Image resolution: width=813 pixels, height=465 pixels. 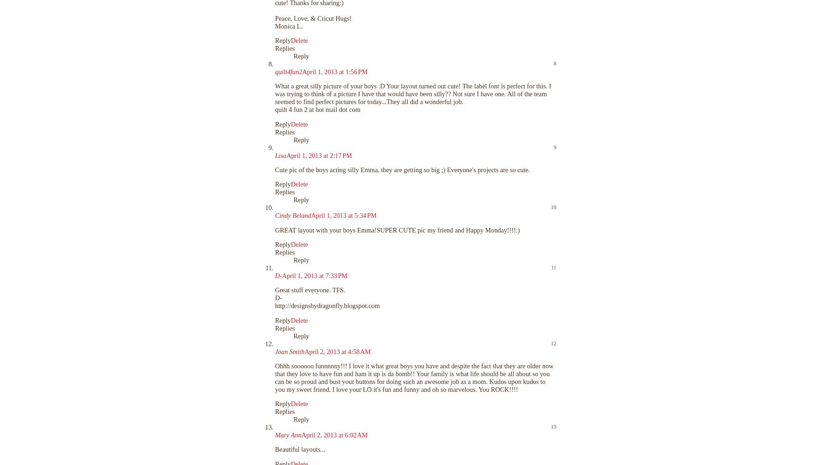 What do you see at coordinates (280, 155) in the screenshot?
I see `'Lisa'` at bounding box center [280, 155].